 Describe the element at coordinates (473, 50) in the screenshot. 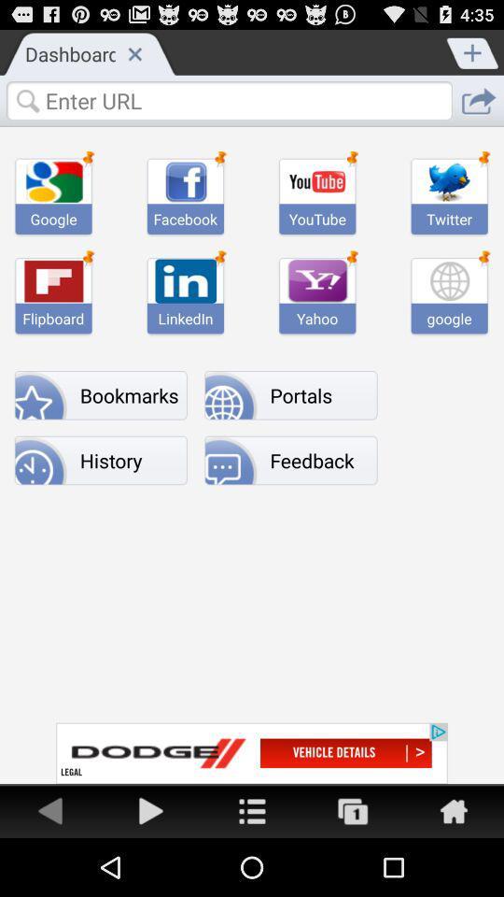

I see `new tab` at that location.